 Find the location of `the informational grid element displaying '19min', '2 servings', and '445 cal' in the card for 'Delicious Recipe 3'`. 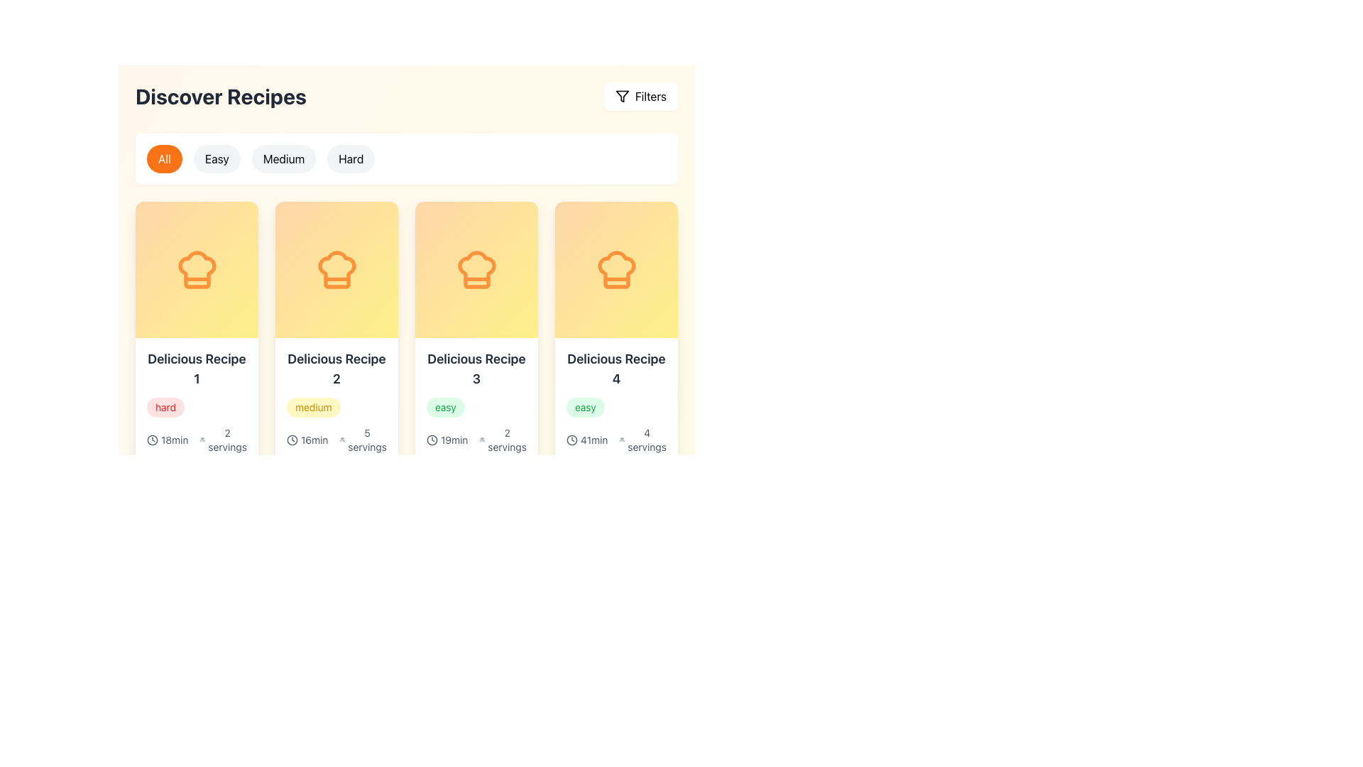

the informational grid element displaying '19min', '2 servings', and '445 cal' in the card for 'Delicious Recipe 3' is located at coordinates (476, 457).